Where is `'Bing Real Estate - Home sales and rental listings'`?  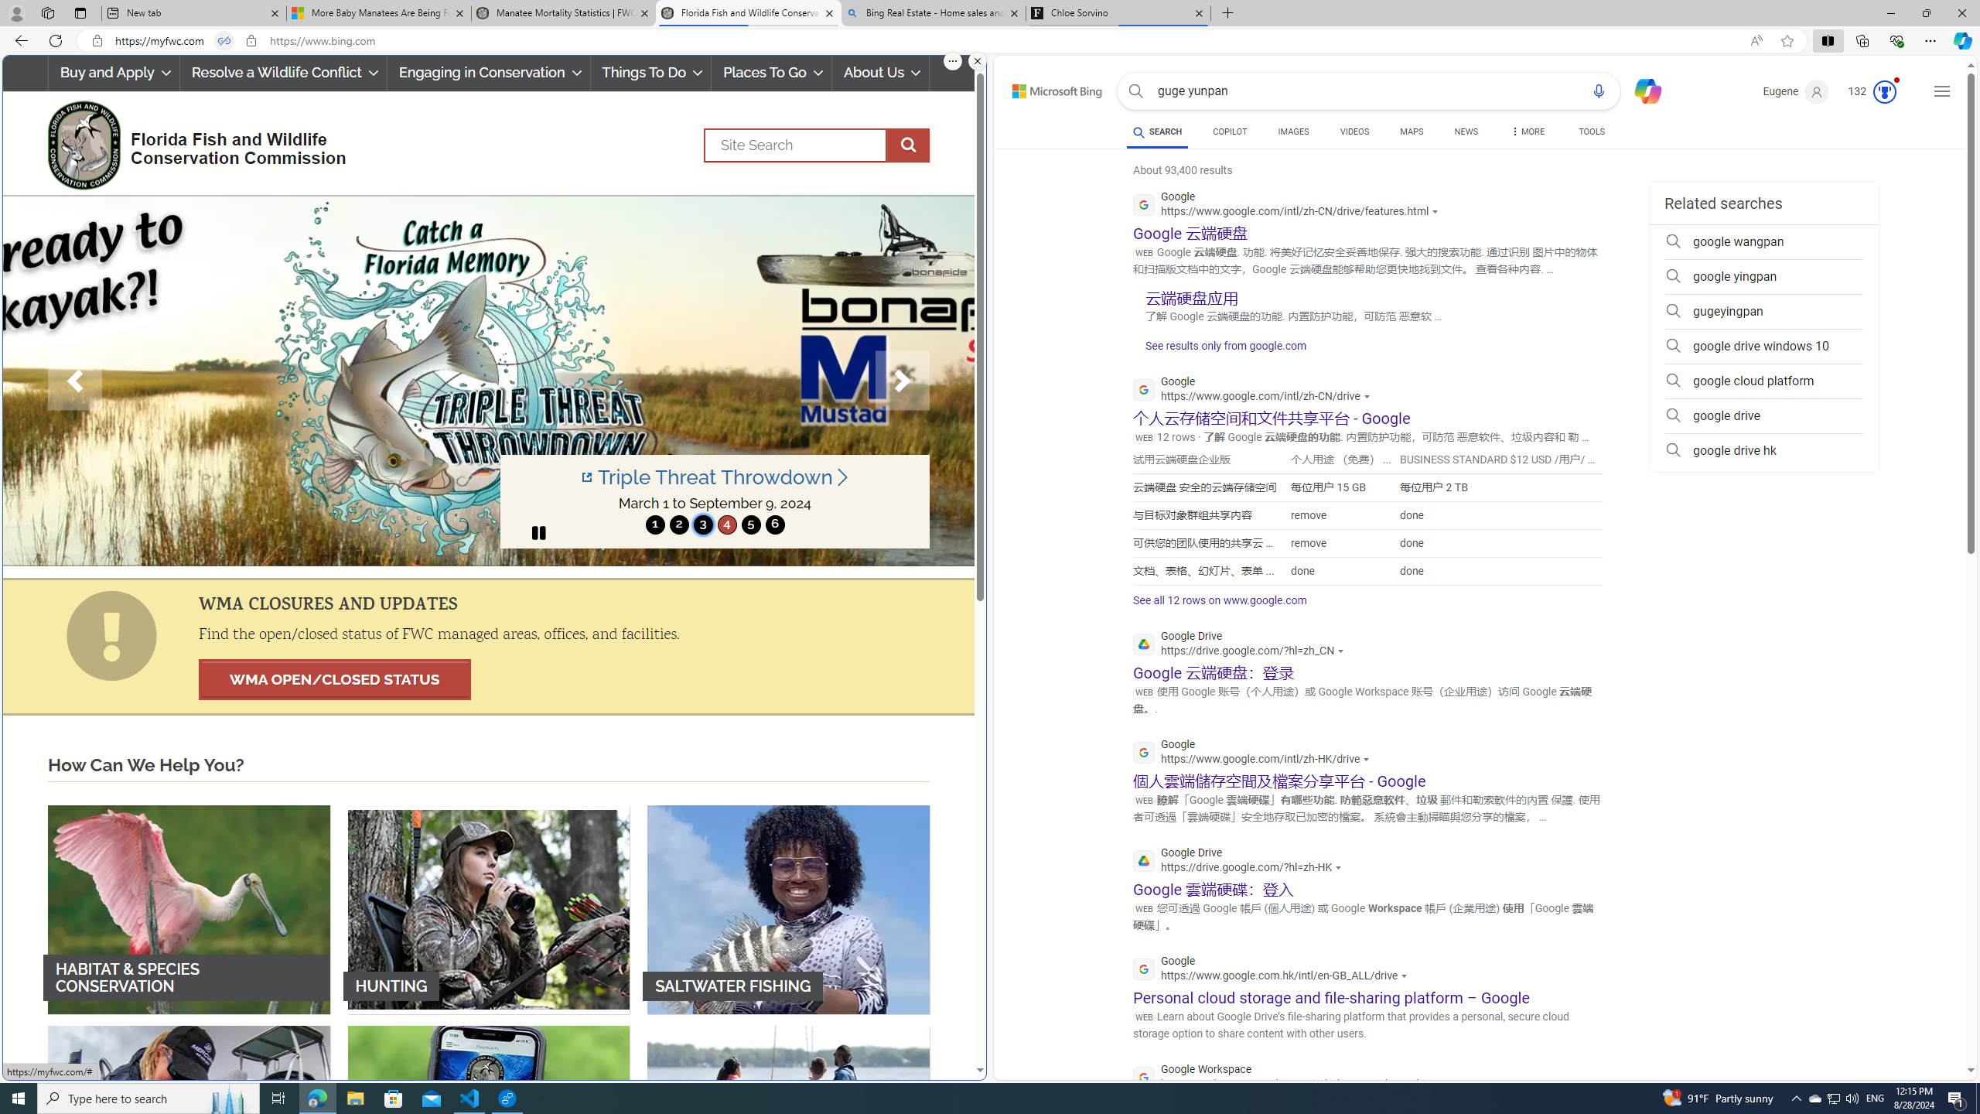 'Bing Real Estate - Home sales and rental listings' is located at coordinates (931, 12).